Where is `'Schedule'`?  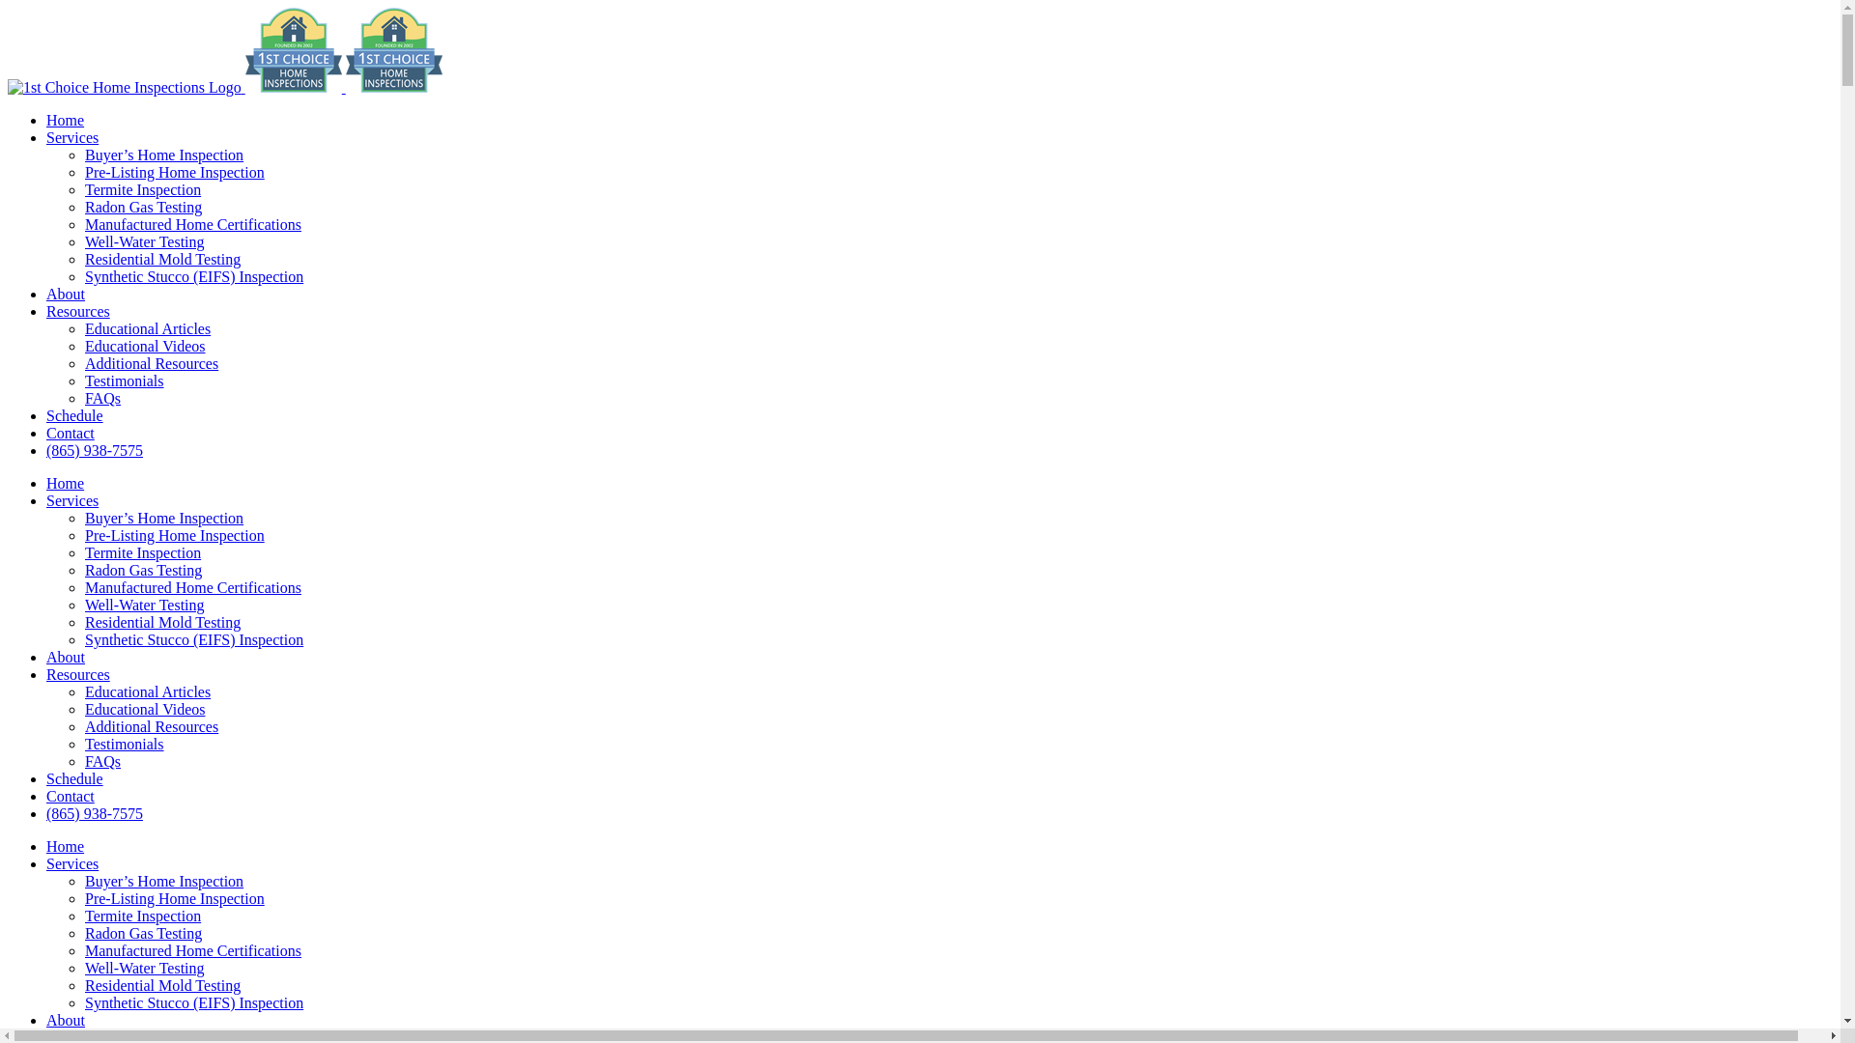
'Schedule' is located at coordinates (74, 414).